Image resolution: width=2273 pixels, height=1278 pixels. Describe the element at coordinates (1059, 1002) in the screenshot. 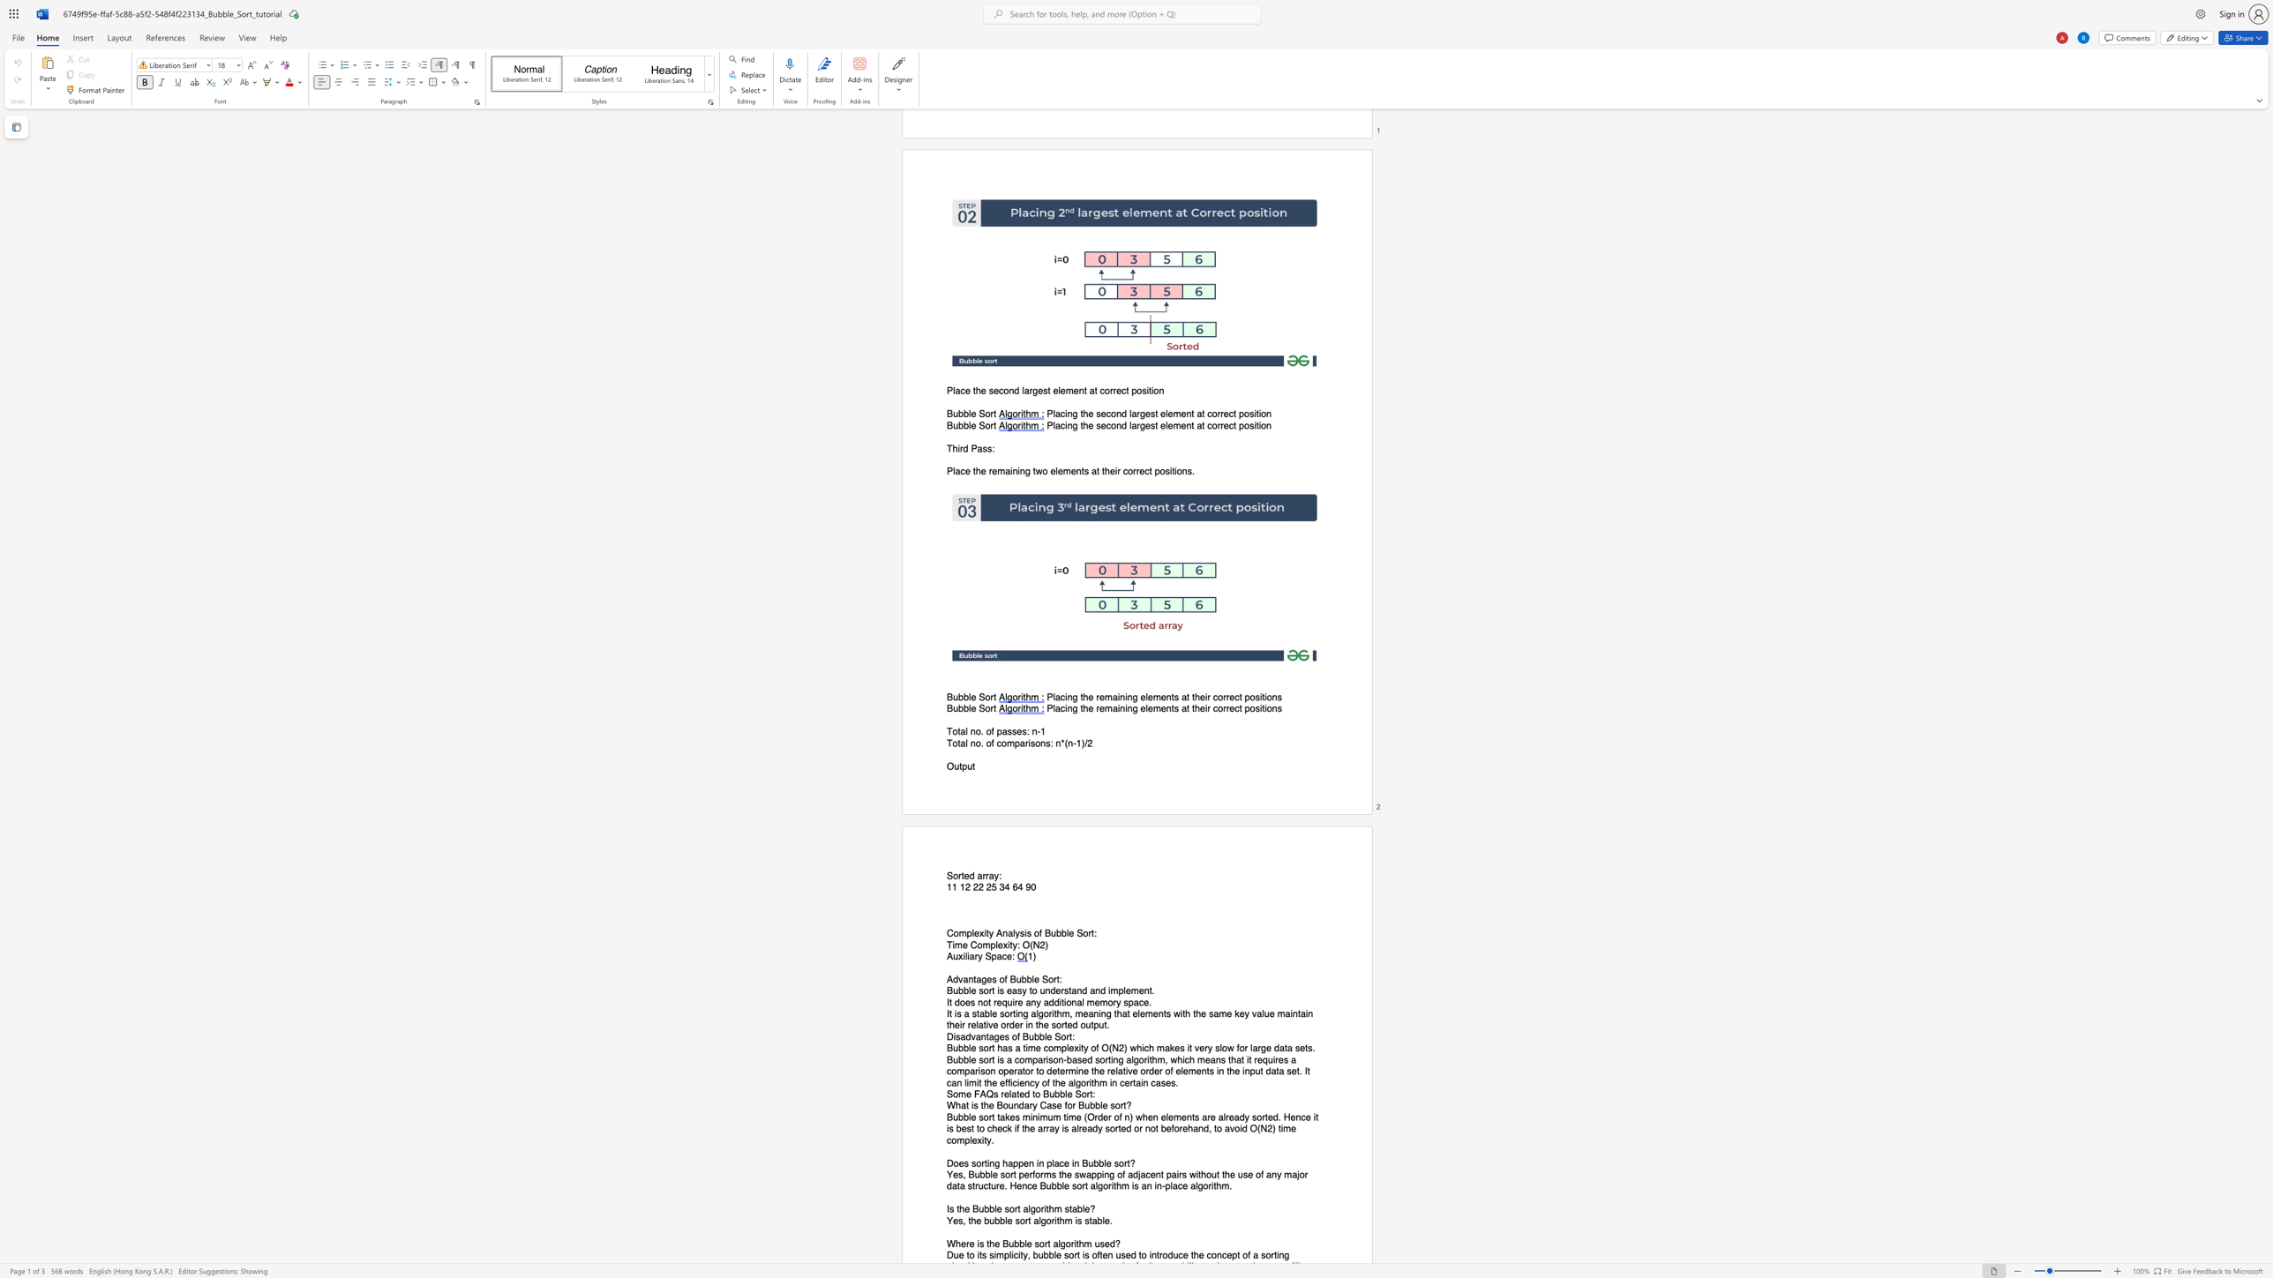

I see `the subset text "ition" within the text "additional"` at that location.